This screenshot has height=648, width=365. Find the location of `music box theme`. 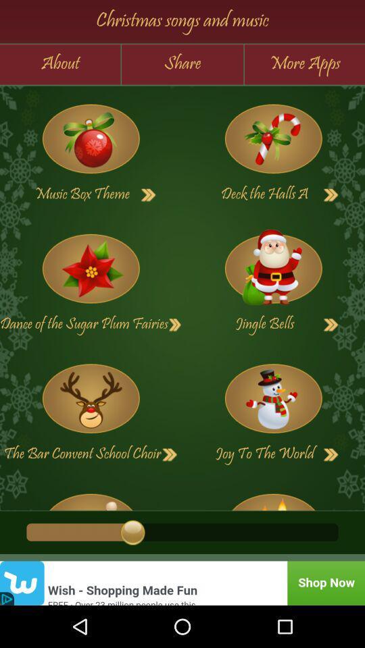

music box theme is located at coordinates (148, 194).